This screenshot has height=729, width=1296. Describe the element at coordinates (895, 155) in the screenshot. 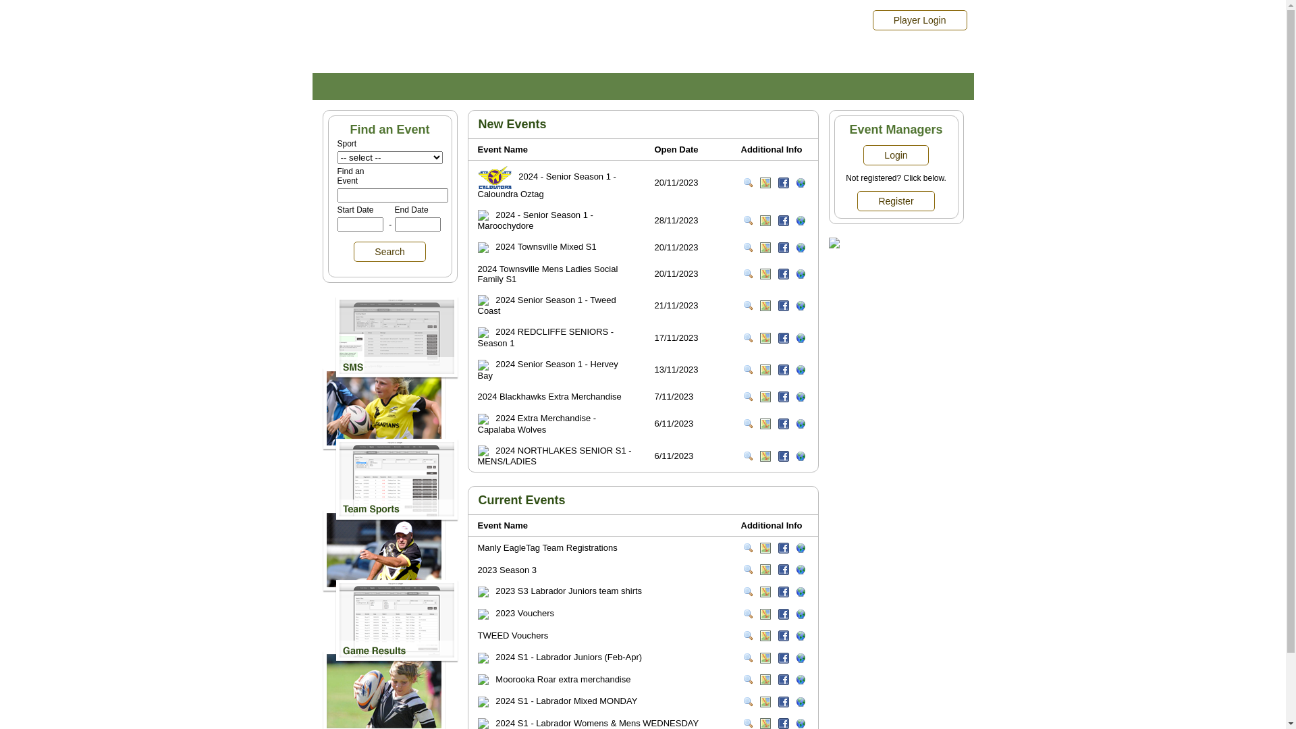

I see `'Login'` at that location.